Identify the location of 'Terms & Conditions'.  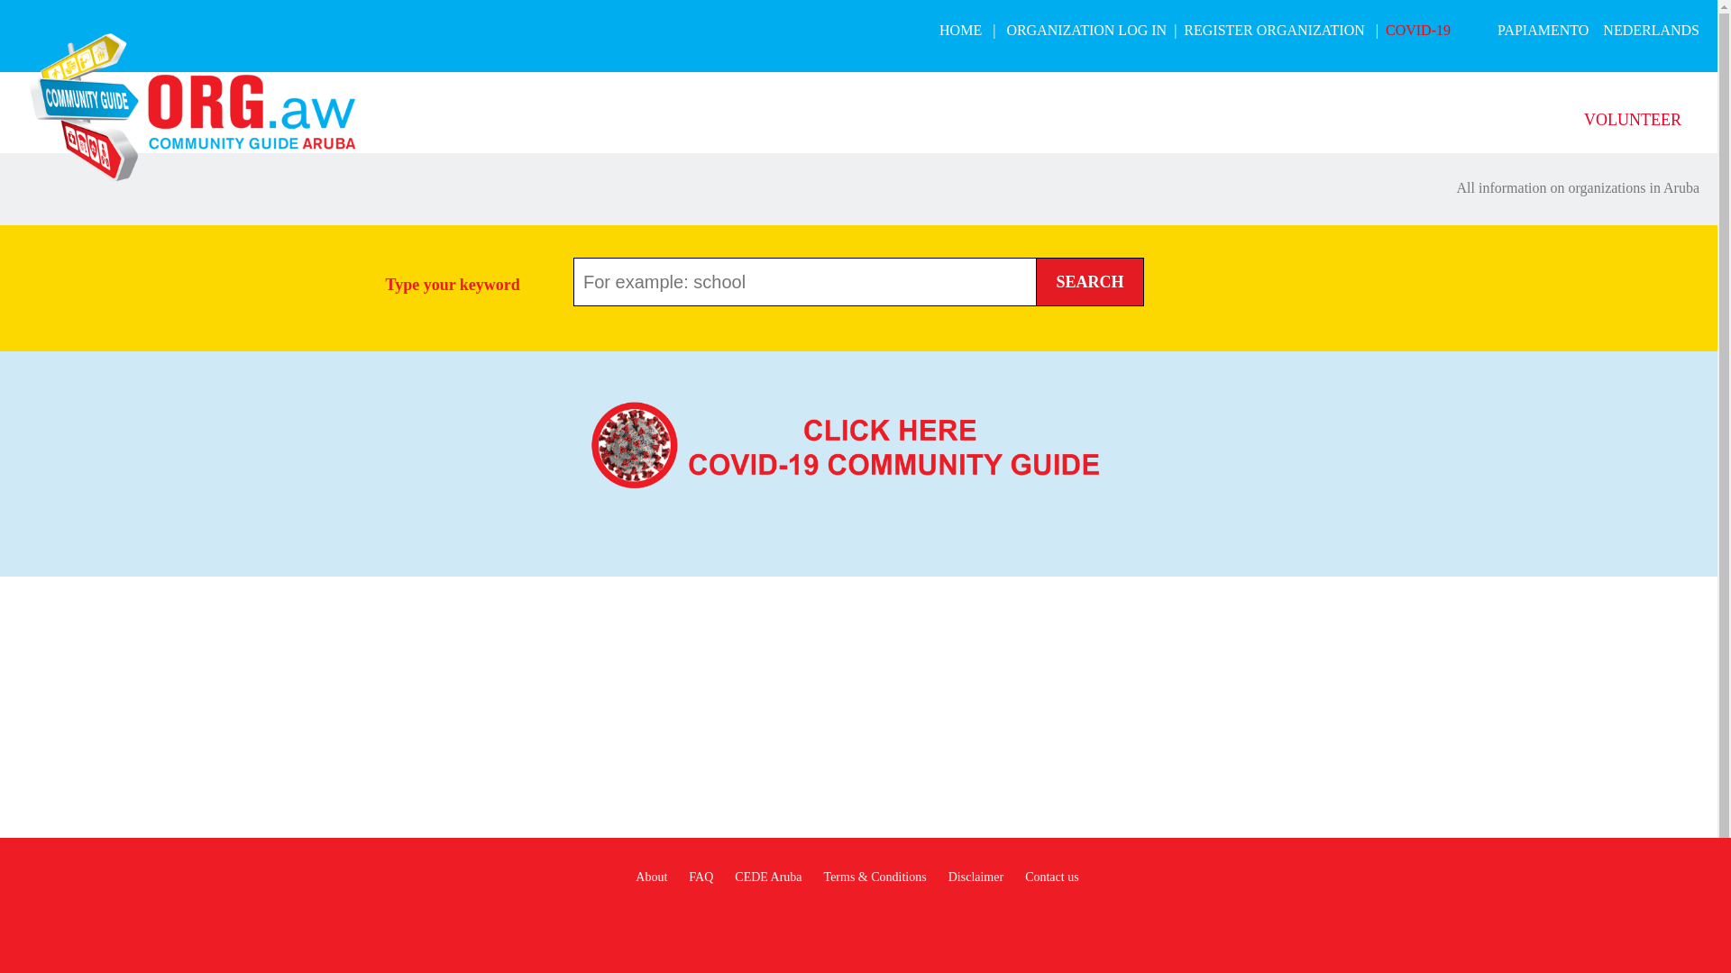
(875, 876).